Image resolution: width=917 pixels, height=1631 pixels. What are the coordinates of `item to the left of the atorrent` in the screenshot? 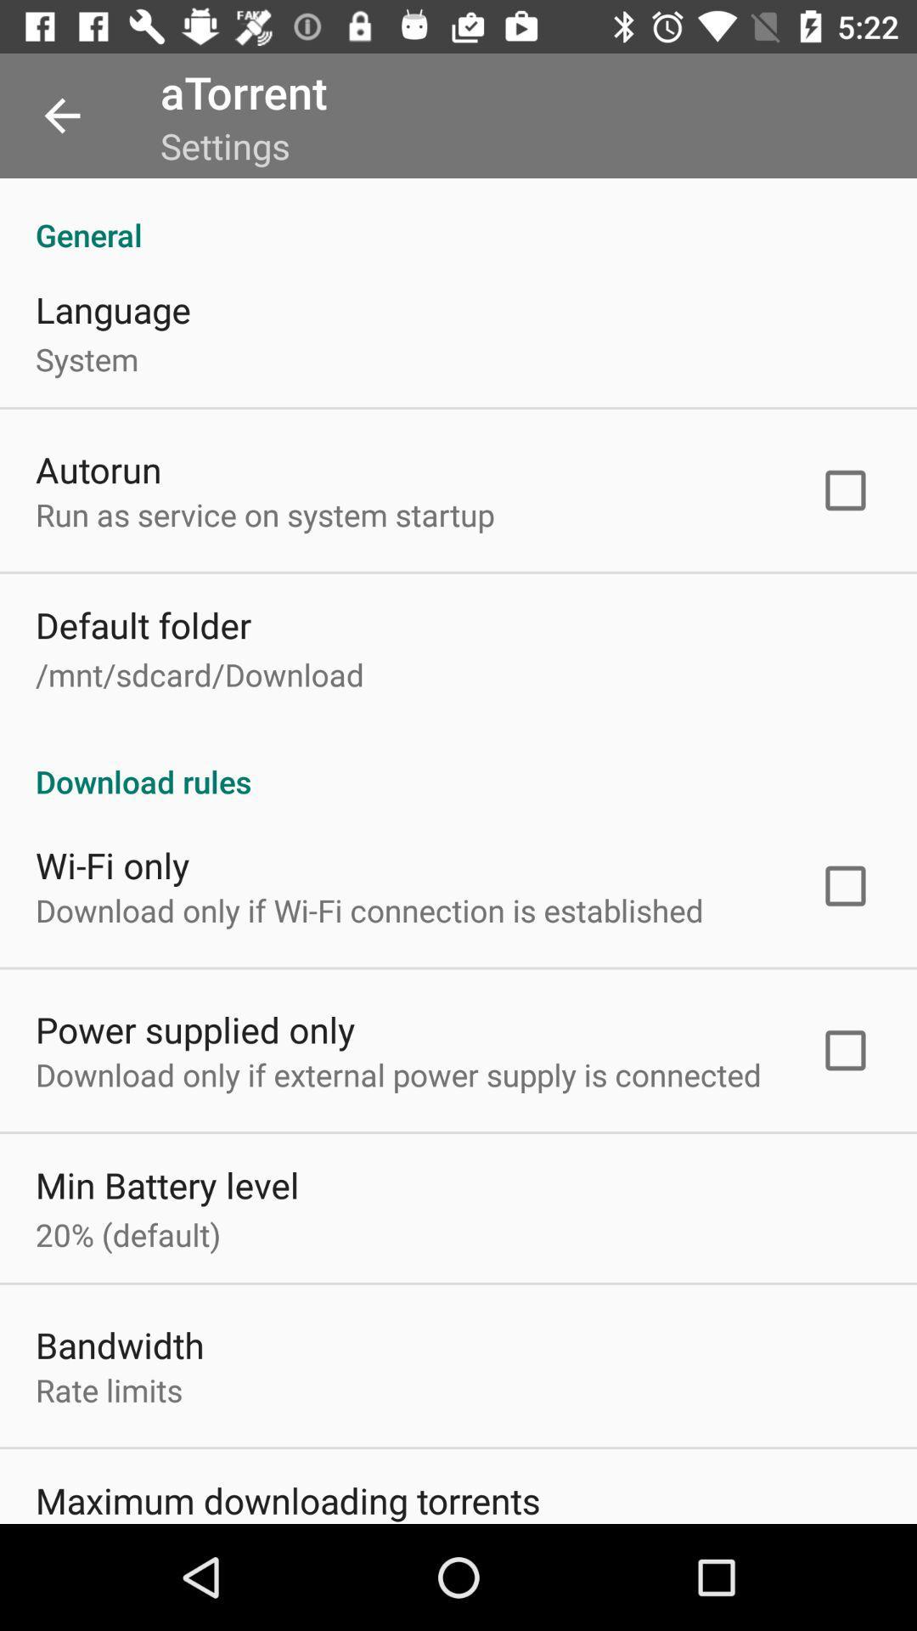 It's located at (61, 115).